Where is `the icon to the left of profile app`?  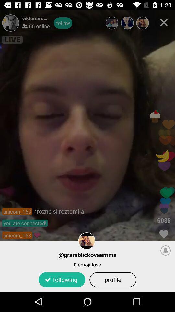 the icon to the left of profile app is located at coordinates (62, 279).